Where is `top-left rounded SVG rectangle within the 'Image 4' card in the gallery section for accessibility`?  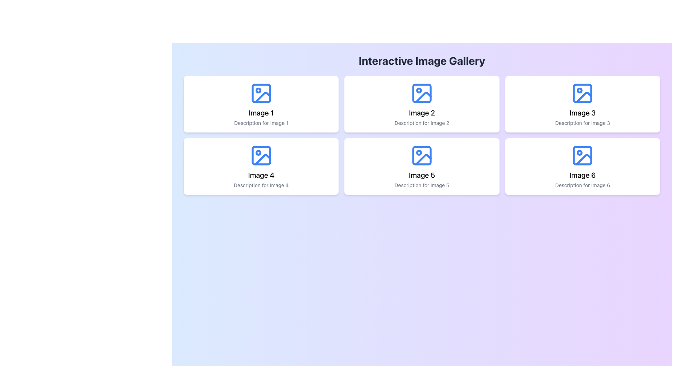 top-left rounded SVG rectangle within the 'Image 4' card in the gallery section for accessibility is located at coordinates (261, 155).